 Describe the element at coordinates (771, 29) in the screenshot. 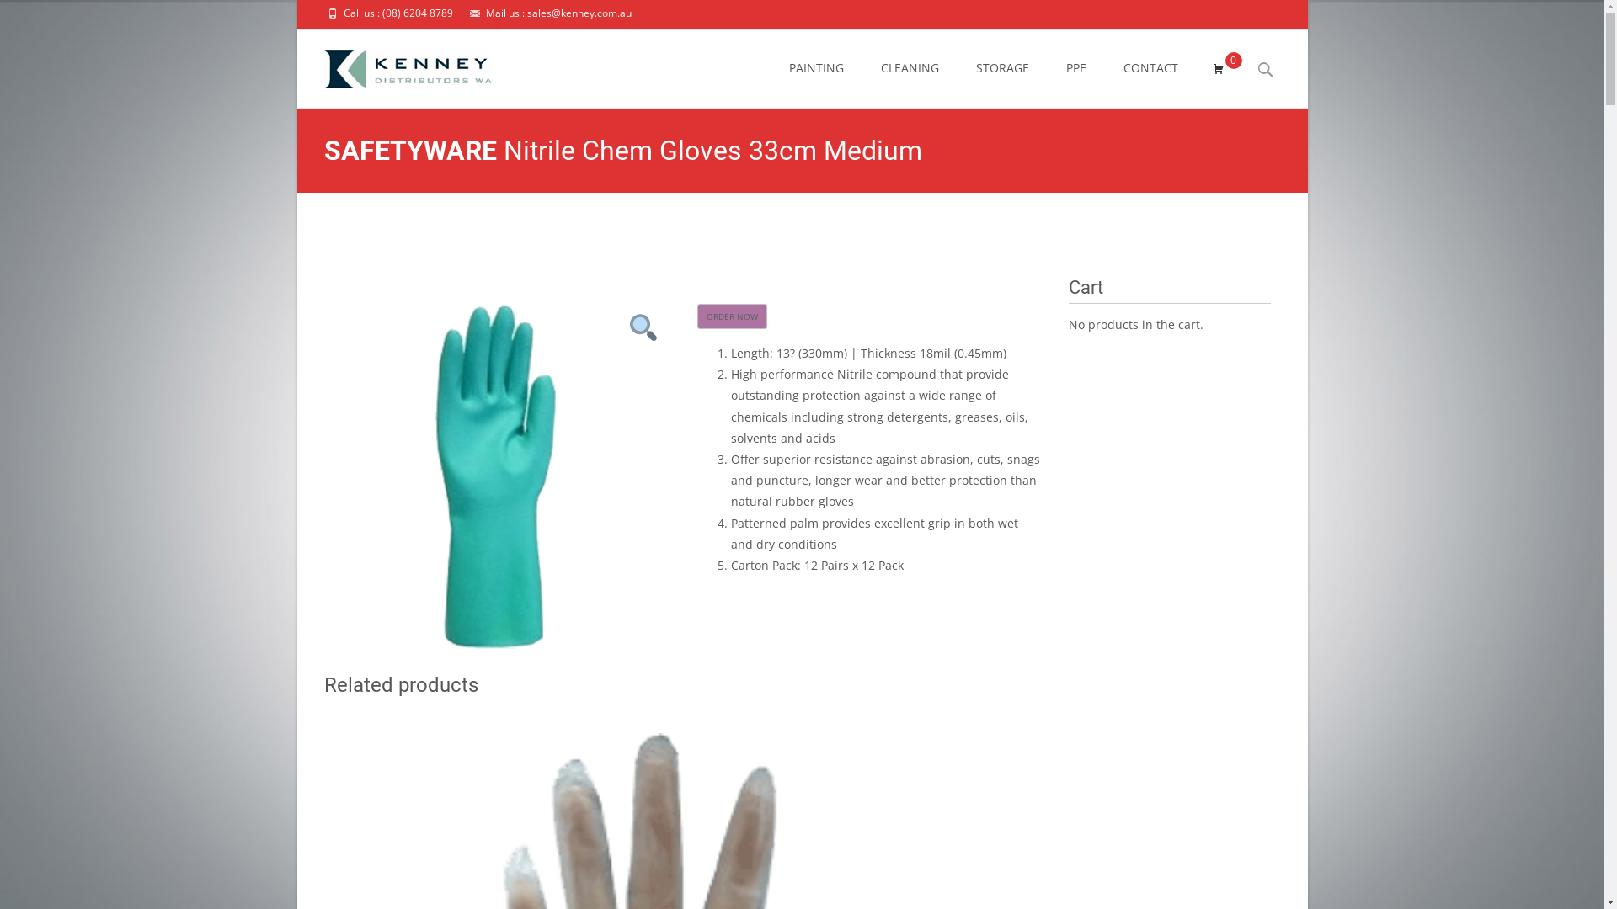

I see `'Skip to content'` at that location.